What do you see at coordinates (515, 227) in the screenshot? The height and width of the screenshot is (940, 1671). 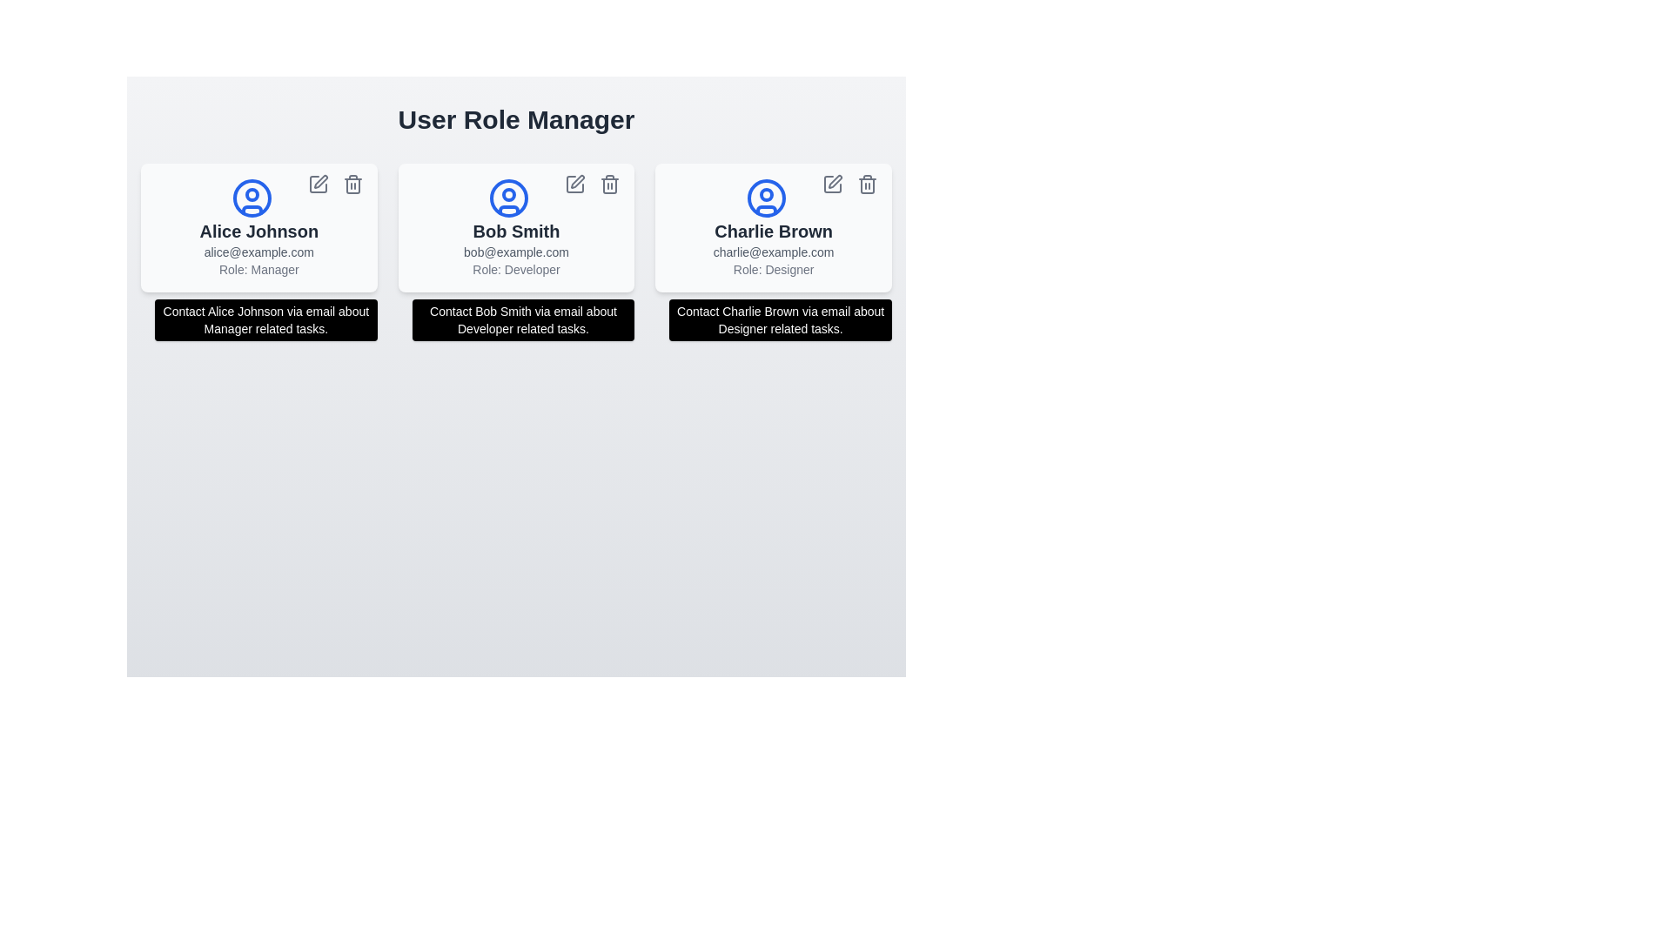 I see `details of the user profile card for Bob Smith, located under the 'User Role Manager' title in the middle of three horizontally aligned cards` at bounding box center [515, 227].